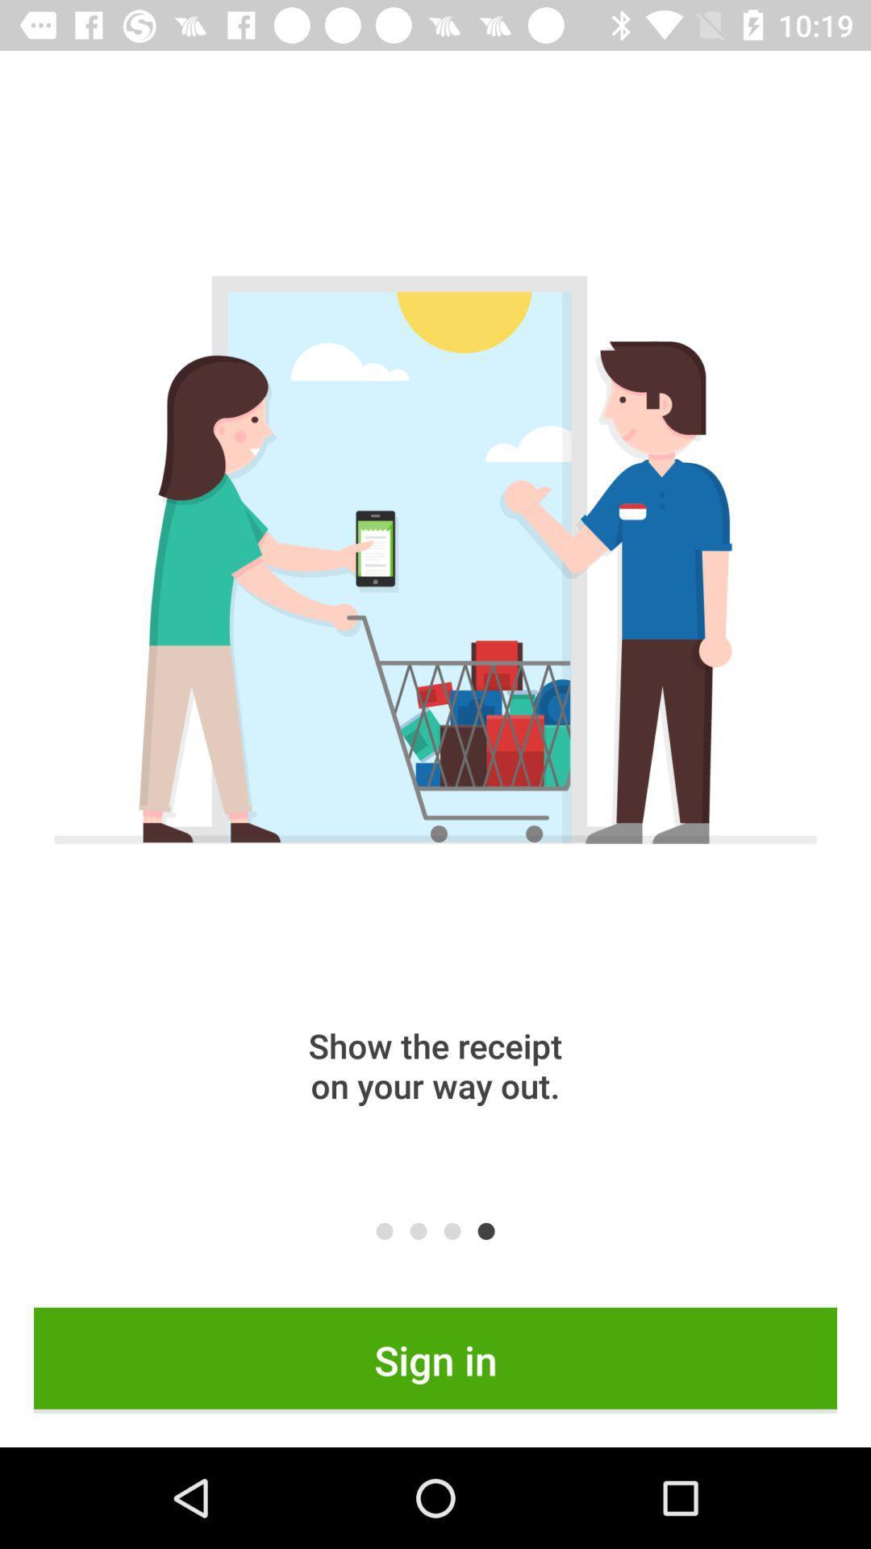 The image size is (871, 1549). What do you see at coordinates (435, 1359) in the screenshot?
I see `the sign in` at bounding box center [435, 1359].